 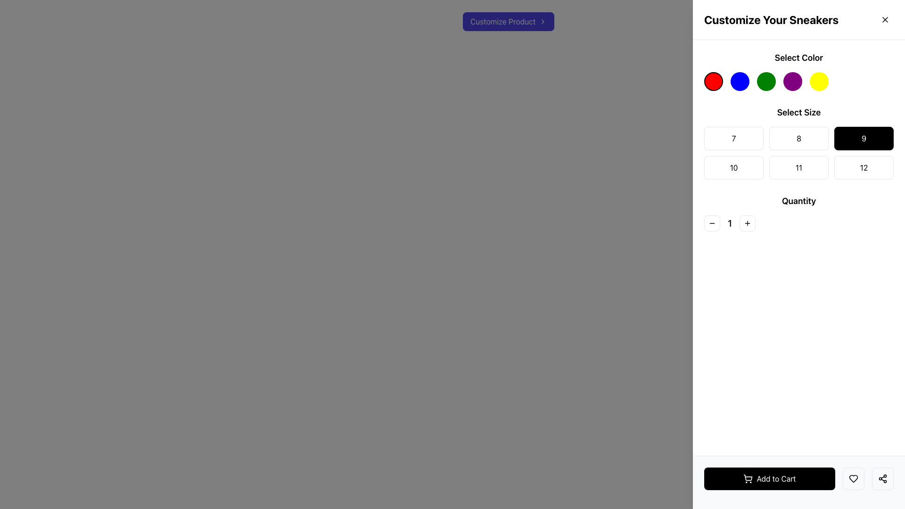 I want to click on the red circular button located in the top-right section of the customization panel to bring it to attention, so click(x=713, y=81).